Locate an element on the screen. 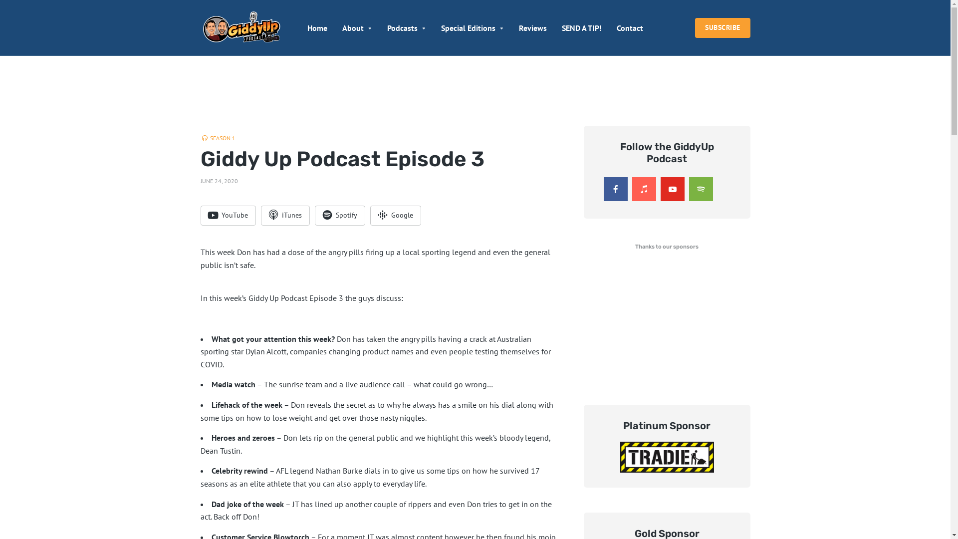  'Contact' is located at coordinates (629, 27).